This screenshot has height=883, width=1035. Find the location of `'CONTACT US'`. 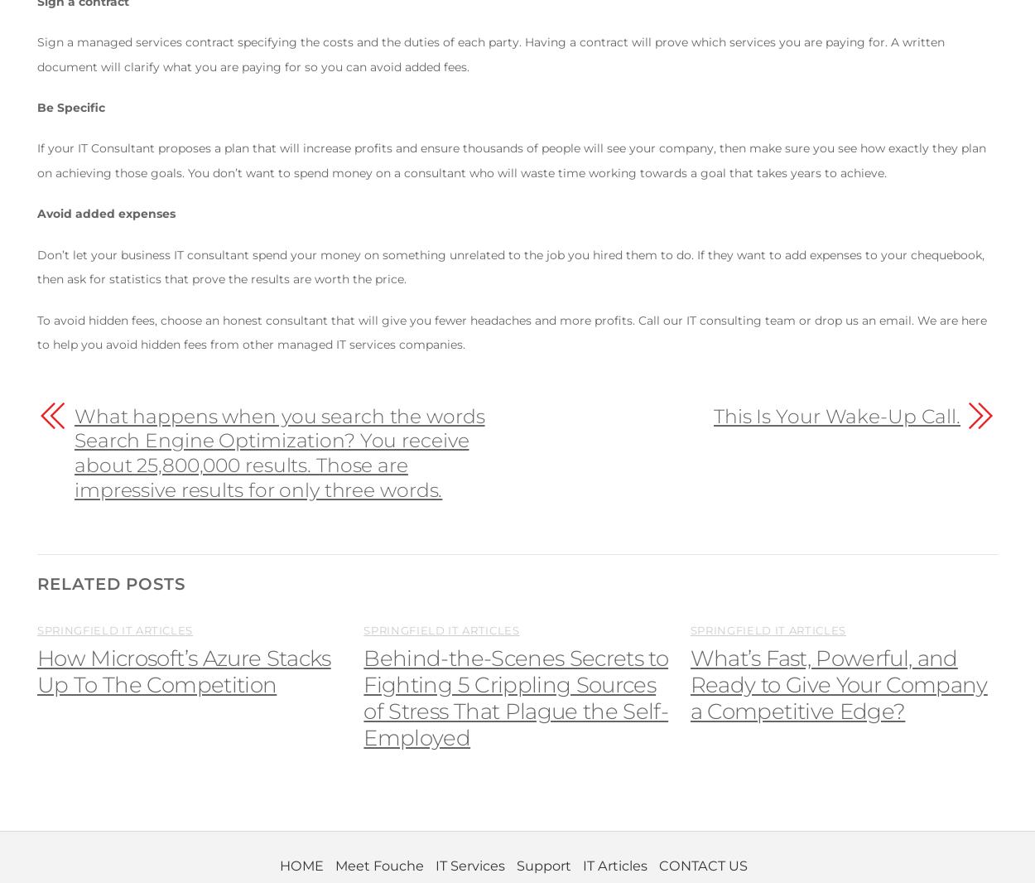

'CONTACT US' is located at coordinates (701, 865).